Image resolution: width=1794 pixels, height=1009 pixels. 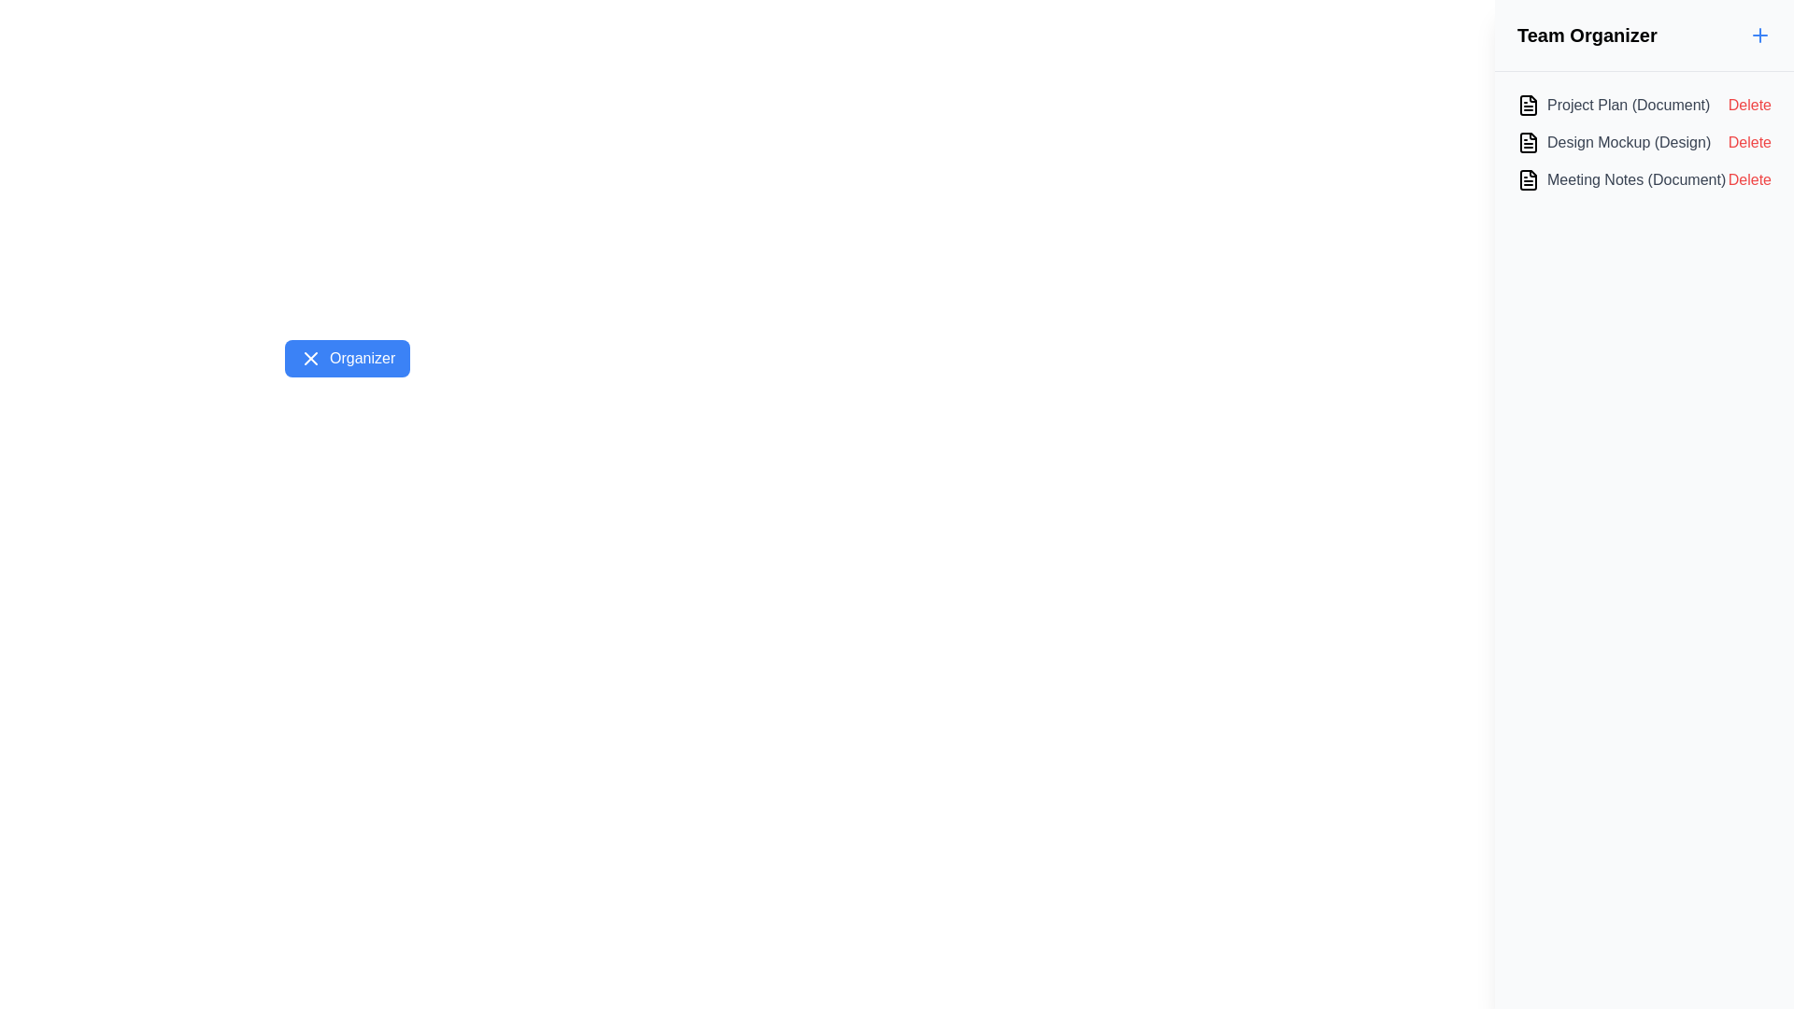 What do you see at coordinates (310, 359) in the screenshot?
I see `the cross-shaped close icon located on the left side of the 'Organizer' button` at bounding box center [310, 359].